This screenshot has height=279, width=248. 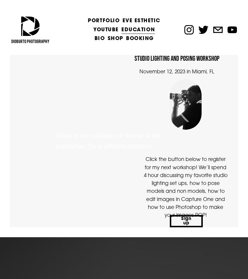 I want to click on 'Sign up', so click(x=186, y=226).